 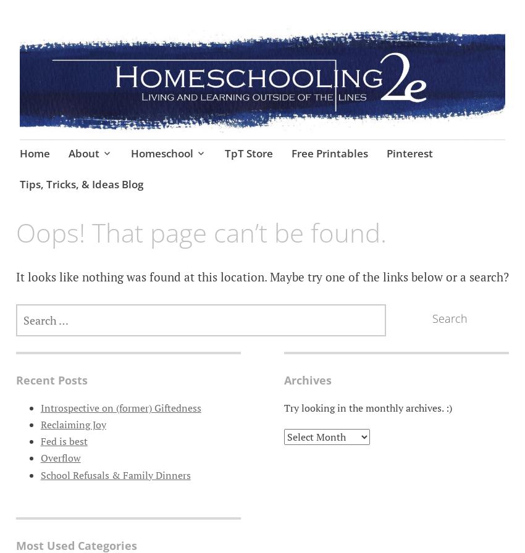 What do you see at coordinates (261, 276) in the screenshot?
I see `'It looks like nothing was found at this location. Maybe try one of the links below or a search?'` at bounding box center [261, 276].